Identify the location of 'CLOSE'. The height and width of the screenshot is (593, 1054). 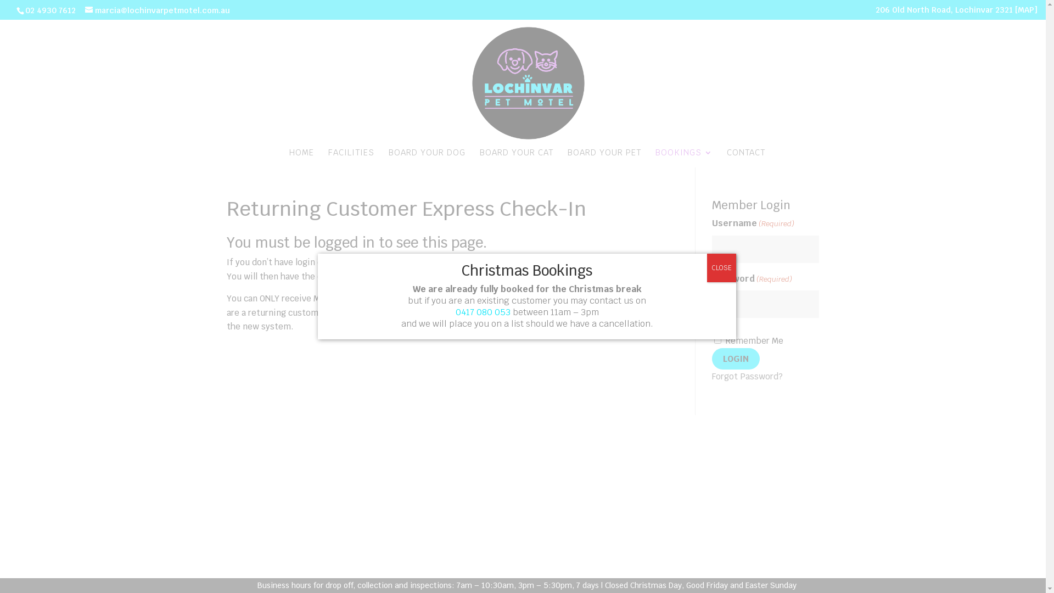
(721, 268).